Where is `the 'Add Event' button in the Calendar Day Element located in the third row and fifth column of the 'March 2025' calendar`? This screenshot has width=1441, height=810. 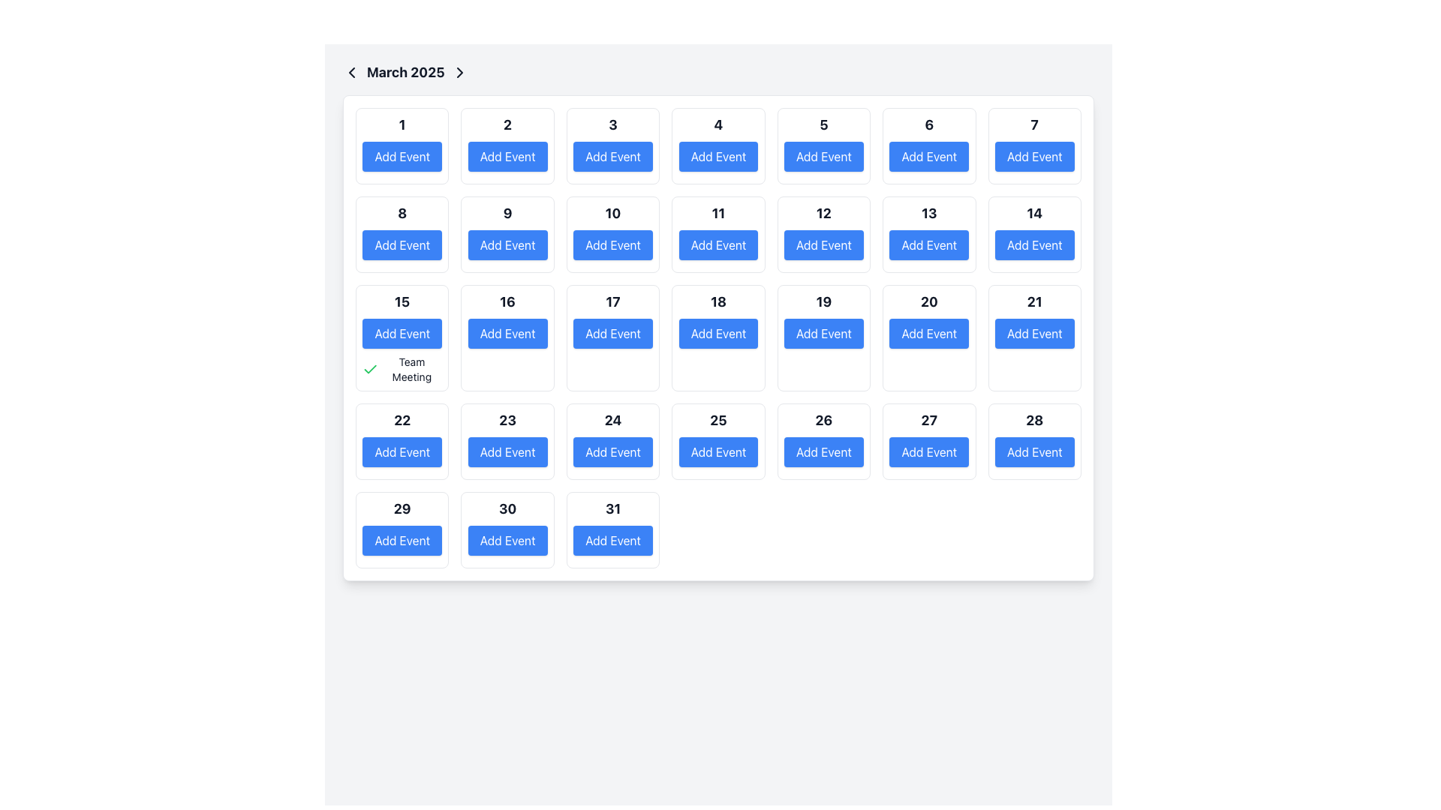
the 'Add Event' button in the Calendar Day Element located in the third row and fifth column of the 'March 2025' calendar is located at coordinates (823, 234).